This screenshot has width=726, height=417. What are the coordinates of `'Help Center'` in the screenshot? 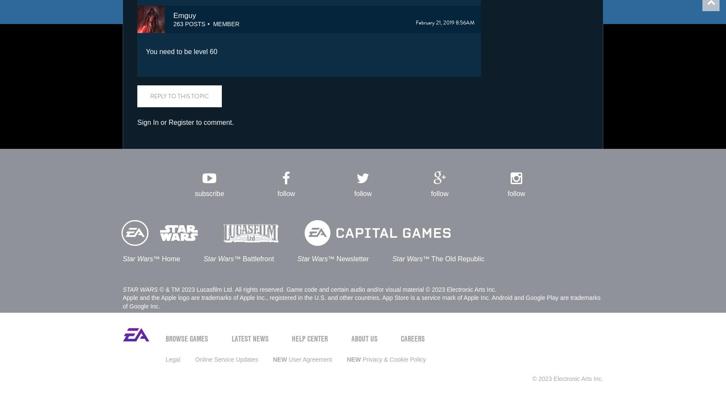 It's located at (309, 338).